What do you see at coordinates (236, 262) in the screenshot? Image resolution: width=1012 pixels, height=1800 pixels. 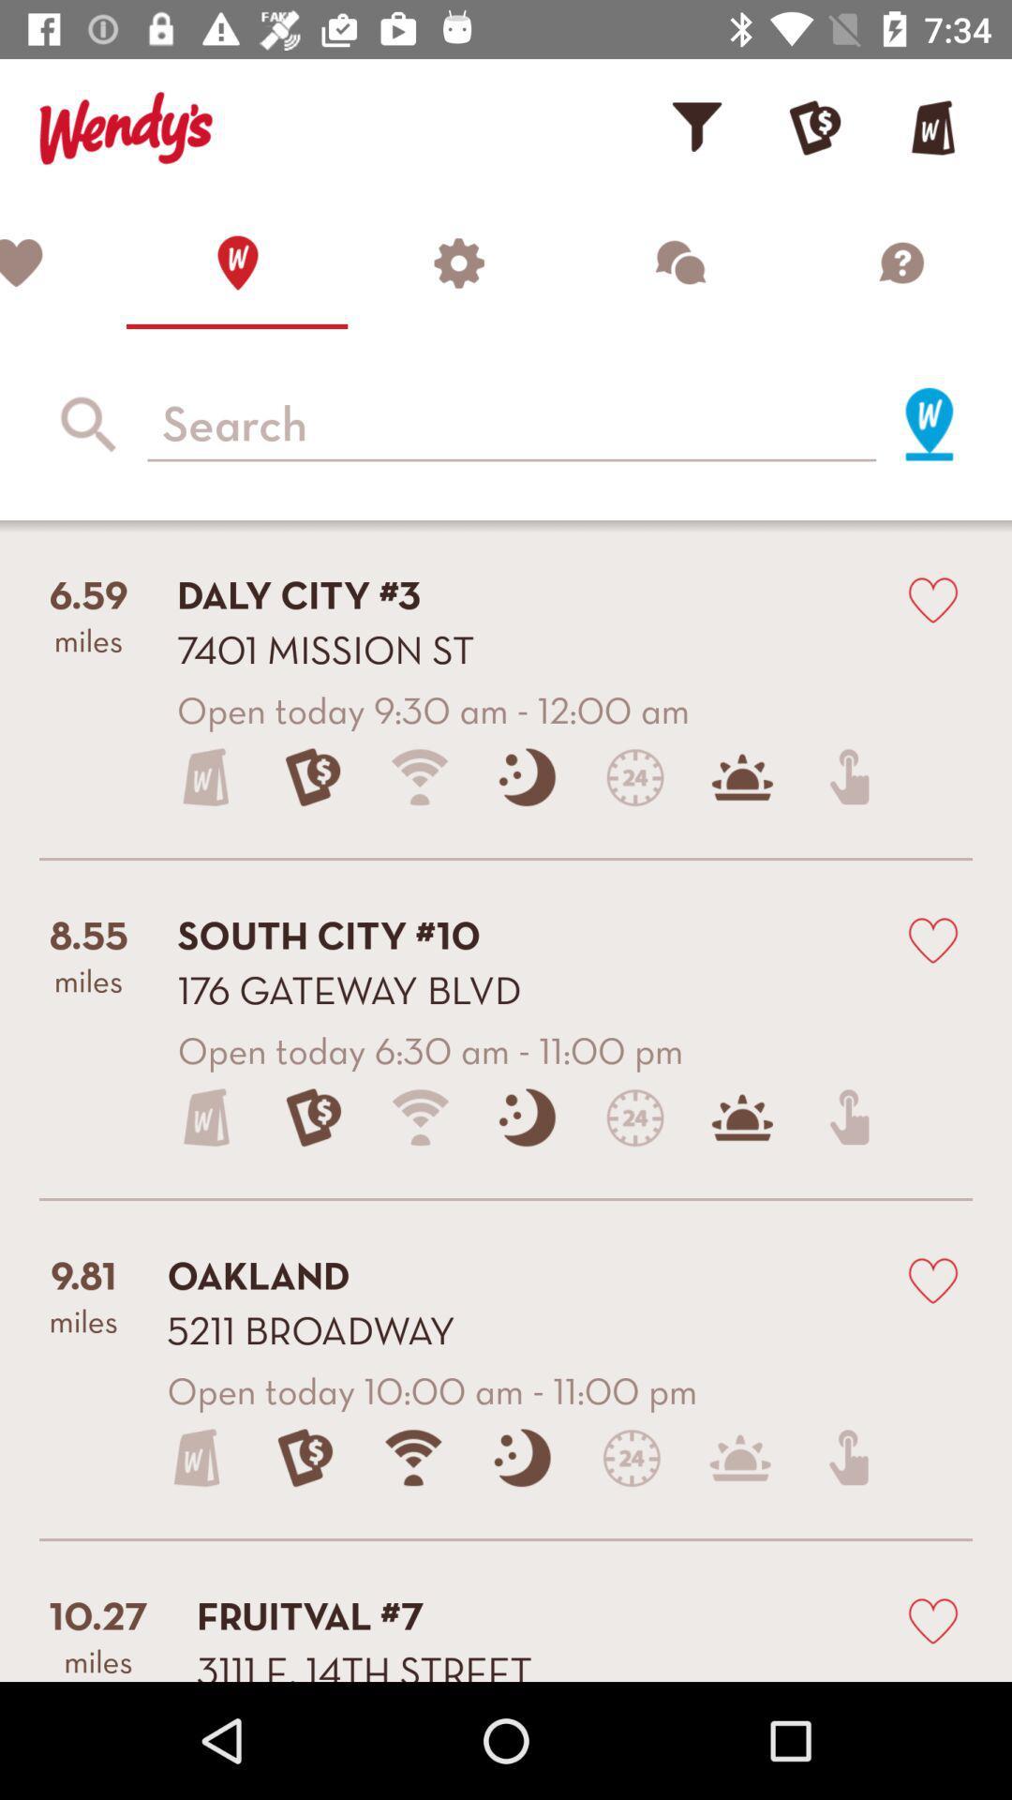 I see `locate store` at bounding box center [236, 262].